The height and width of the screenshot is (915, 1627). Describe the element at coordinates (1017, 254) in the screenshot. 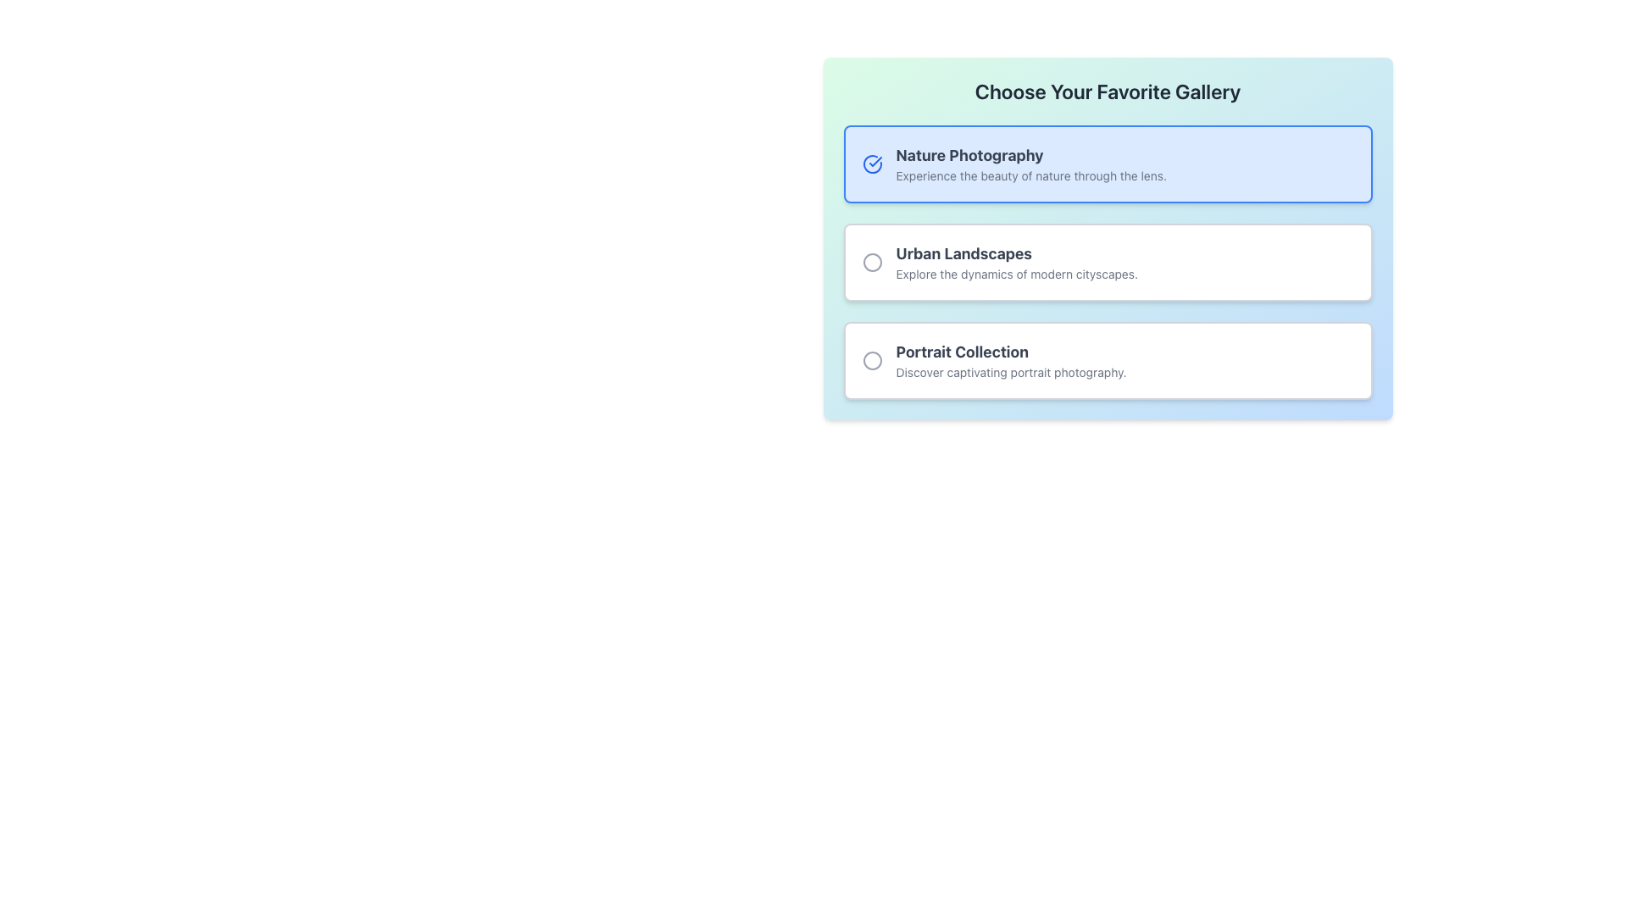

I see `bold text 'Urban Landscapes' which is the topmost text in the second card of a vertically stacked list, positioned within a centered panel` at that location.